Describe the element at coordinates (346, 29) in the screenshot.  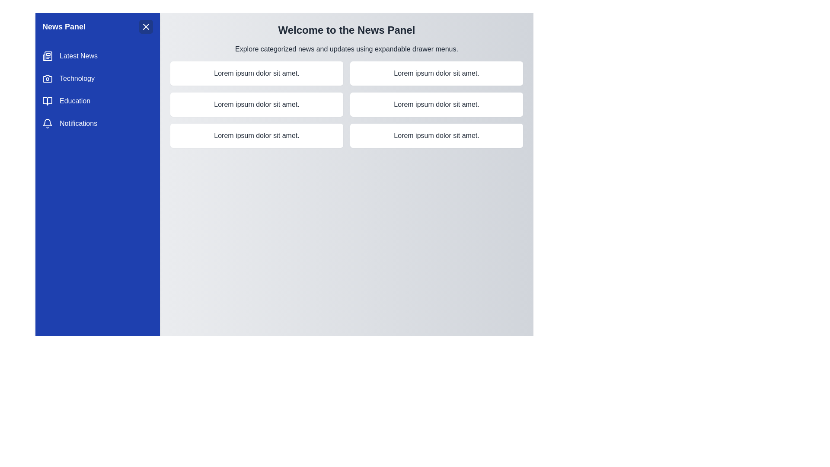
I see `the text Welcome to the News Panel` at that location.